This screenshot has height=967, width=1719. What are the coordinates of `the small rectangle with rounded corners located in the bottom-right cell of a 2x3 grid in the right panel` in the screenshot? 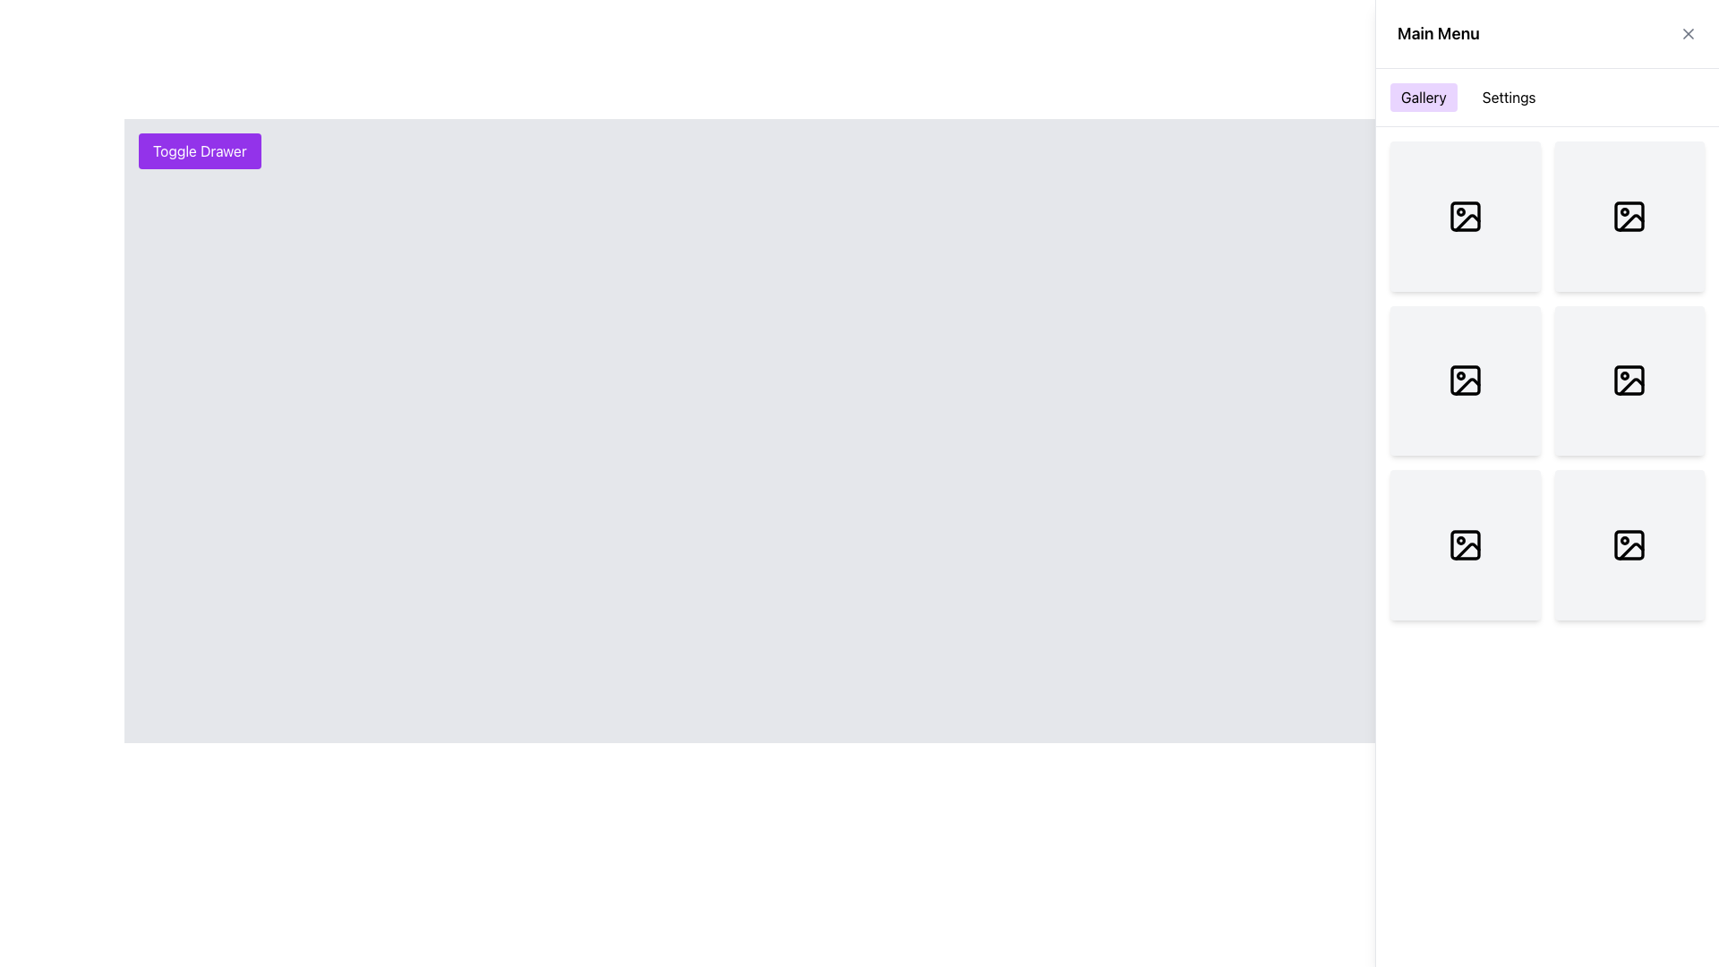 It's located at (1465, 543).